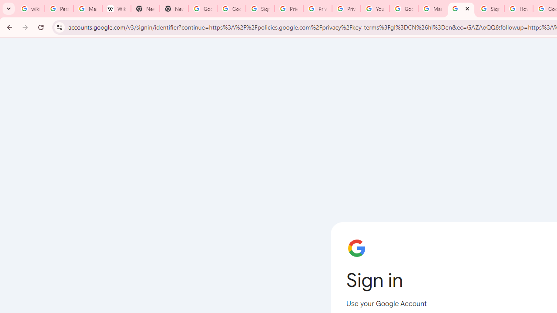 This screenshot has height=313, width=557. Describe the element at coordinates (231, 9) in the screenshot. I see `'Google Drive: Sign-in'` at that location.